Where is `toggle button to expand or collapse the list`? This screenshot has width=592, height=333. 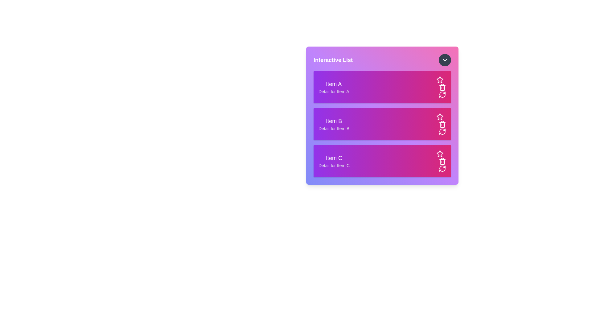 toggle button to expand or collapse the list is located at coordinates (445, 60).